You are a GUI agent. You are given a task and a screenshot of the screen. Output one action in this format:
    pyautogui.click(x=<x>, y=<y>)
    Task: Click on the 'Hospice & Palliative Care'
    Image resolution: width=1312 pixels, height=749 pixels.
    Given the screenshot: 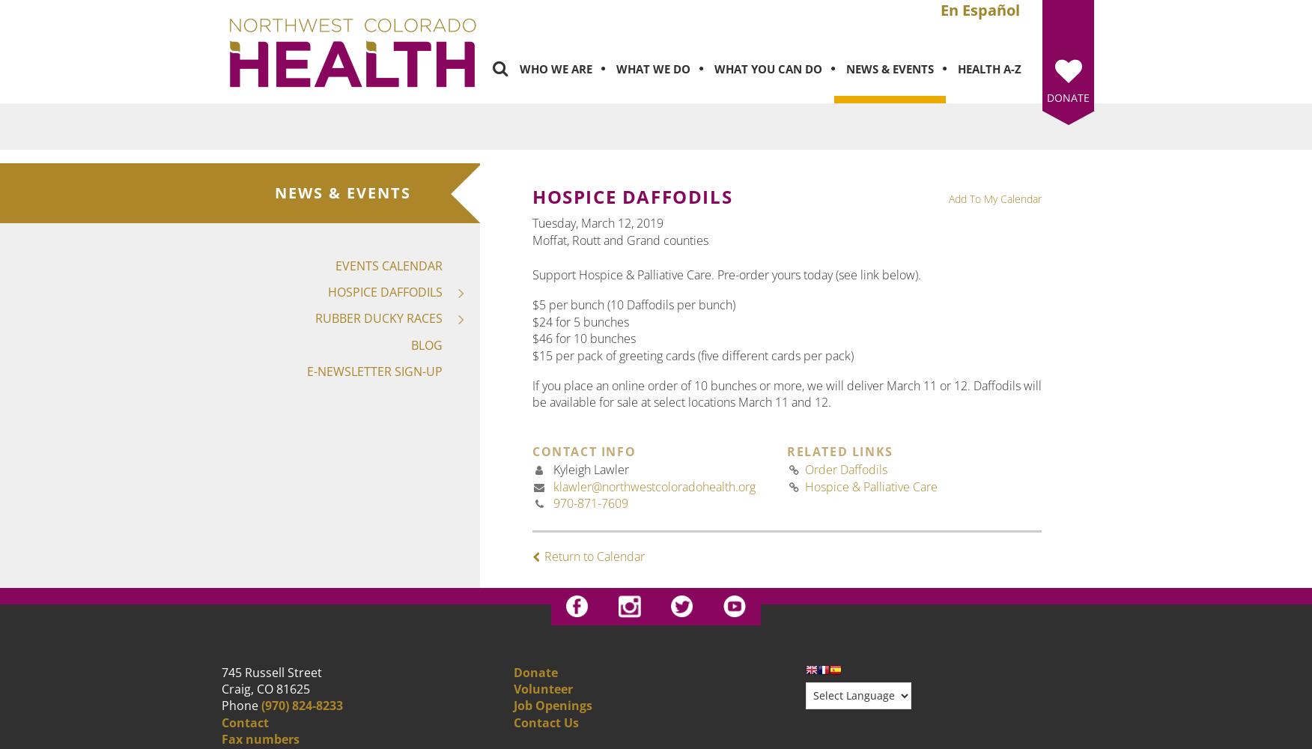 What is the action you would take?
    pyautogui.click(x=870, y=486)
    